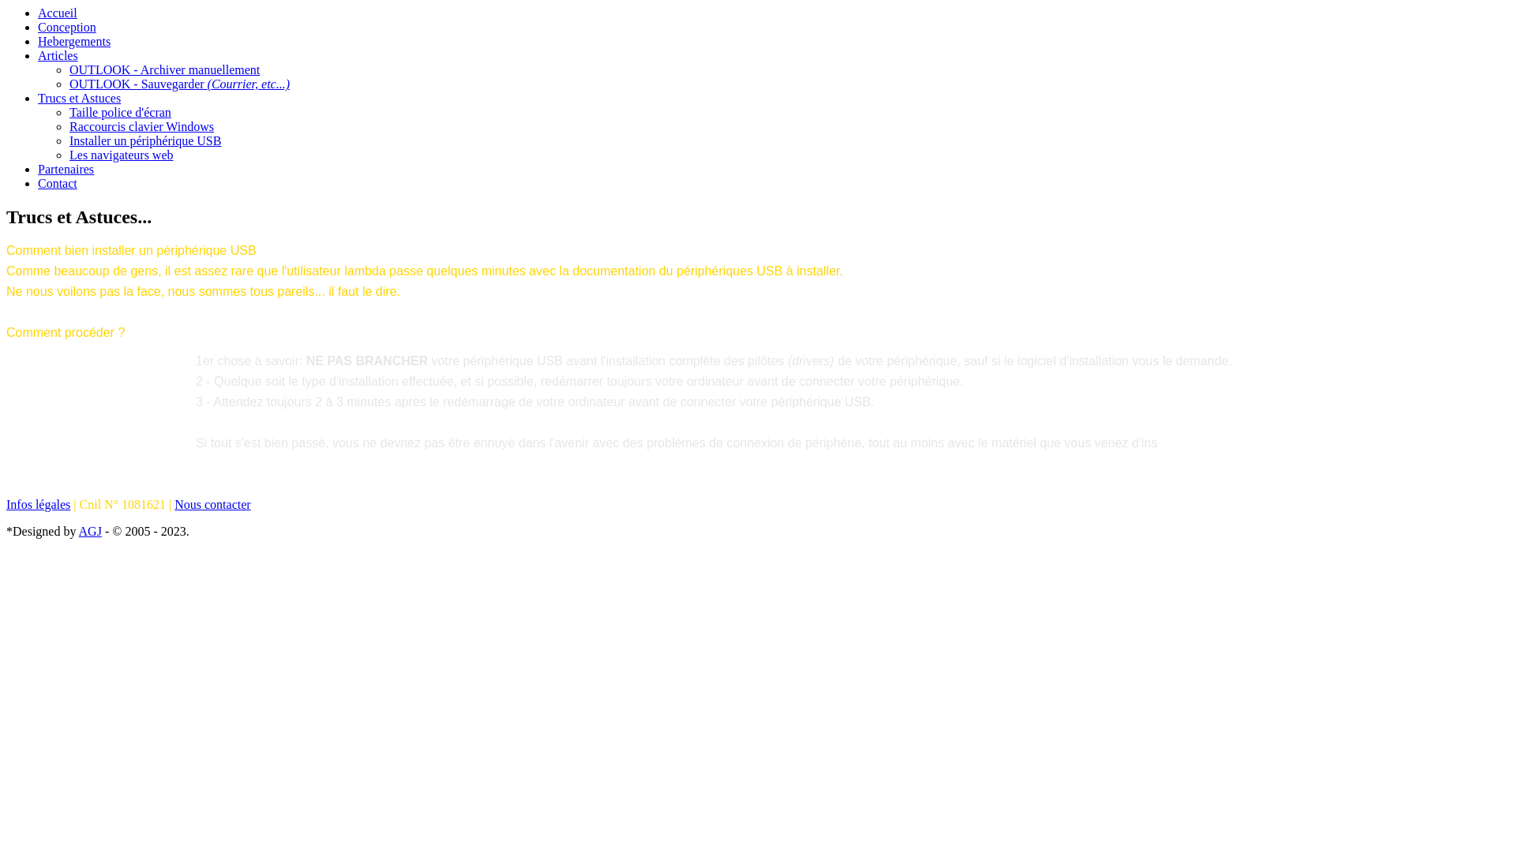  What do you see at coordinates (38, 98) in the screenshot?
I see `'Trucs et Astuces'` at bounding box center [38, 98].